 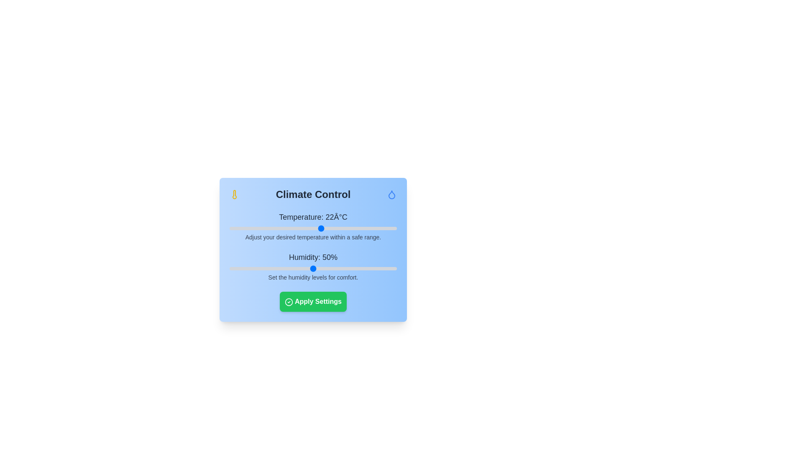 I want to click on the visual state of the circular icon with a check mark inside, which is styled with a green background and located to the left of the text 'Apply Settings' within the green button, so click(x=289, y=302).